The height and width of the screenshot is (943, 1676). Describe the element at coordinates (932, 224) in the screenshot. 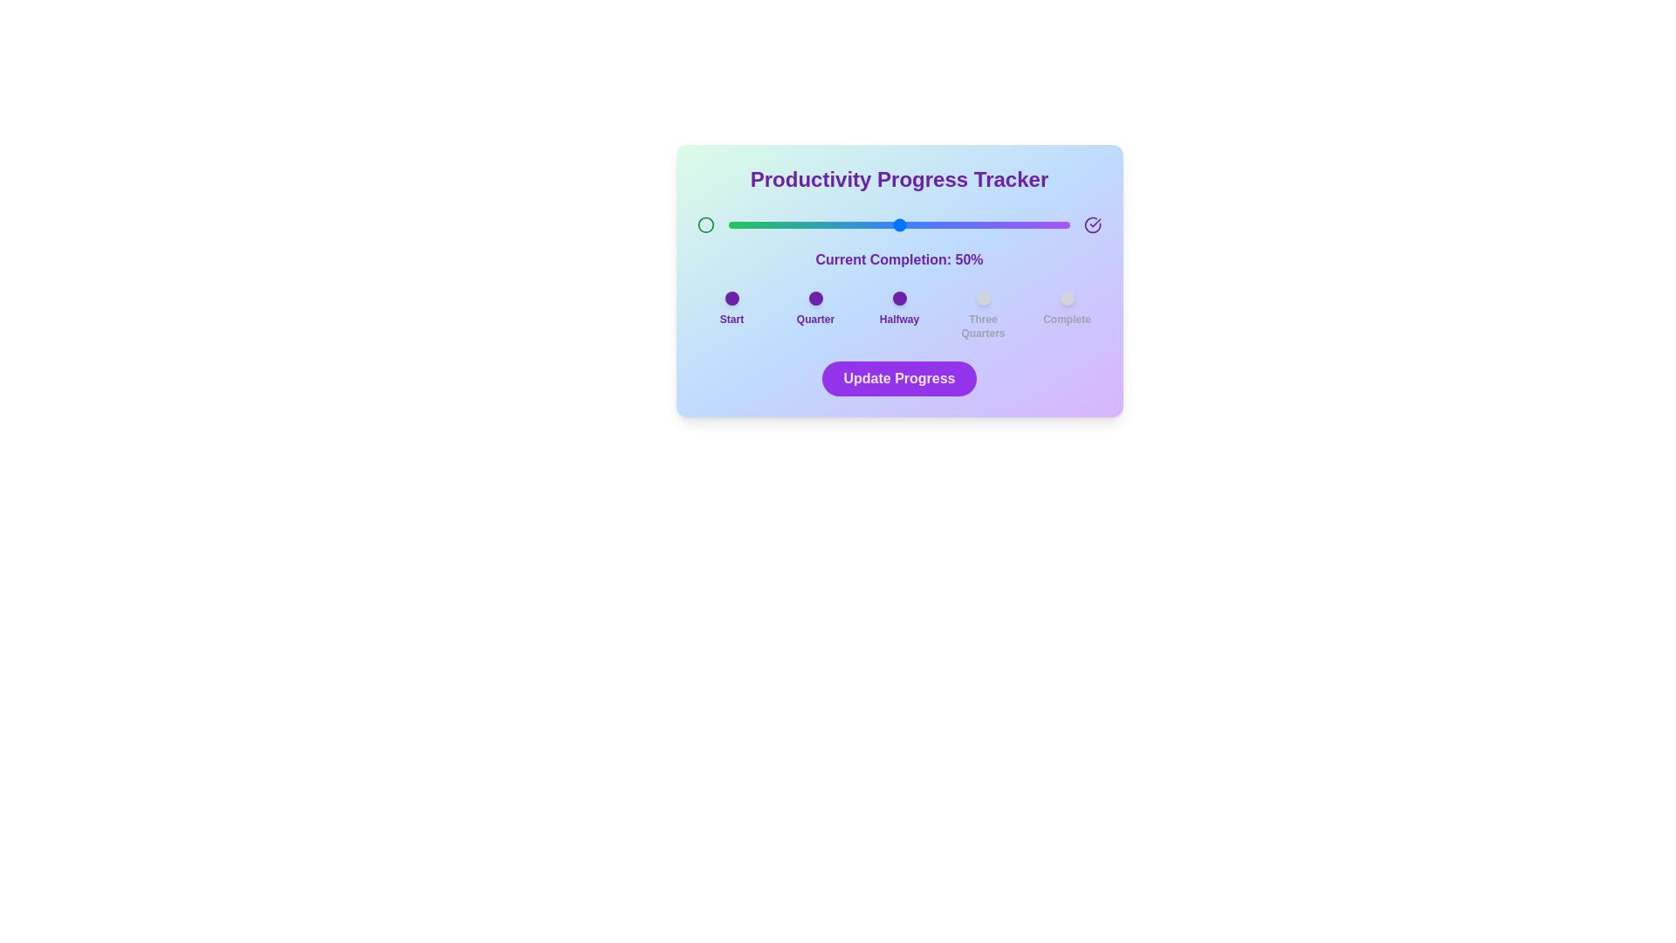

I see `the progress slider to 60%` at that location.